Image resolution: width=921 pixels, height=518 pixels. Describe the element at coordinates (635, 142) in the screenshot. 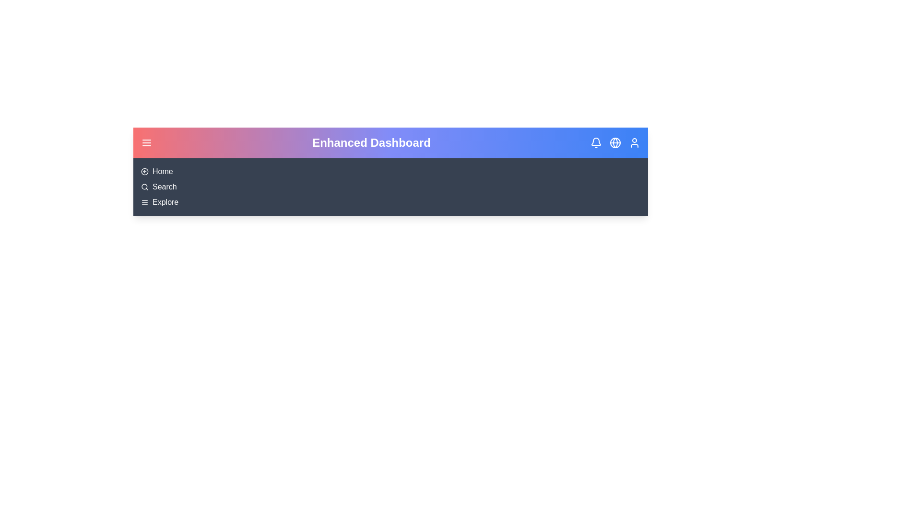

I see `the user element` at that location.